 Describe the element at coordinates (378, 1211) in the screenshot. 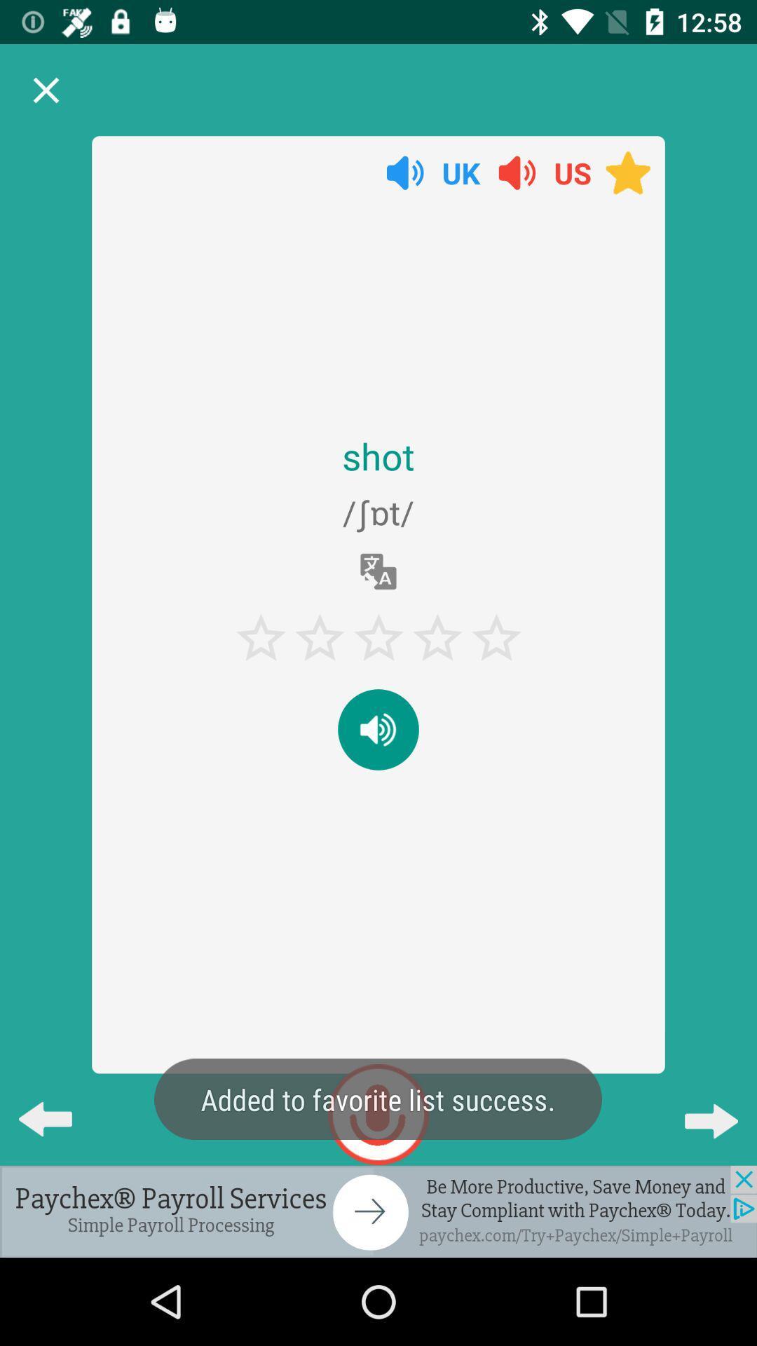

I see `advertisement` at that location.